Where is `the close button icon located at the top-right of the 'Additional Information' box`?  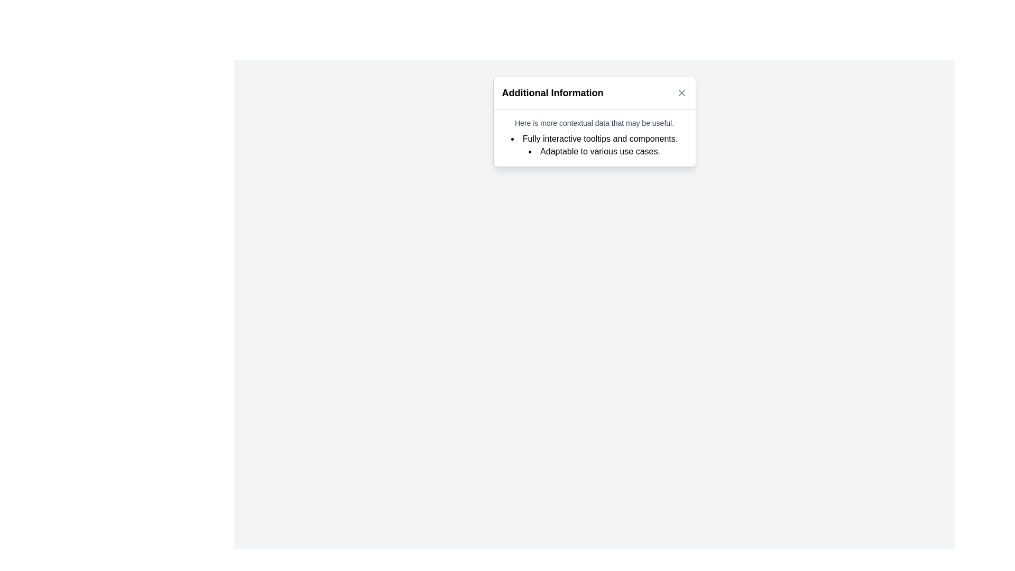
the close button icon located at the top-right of the 'Additional Information' box is located at coordinates (681, 93).